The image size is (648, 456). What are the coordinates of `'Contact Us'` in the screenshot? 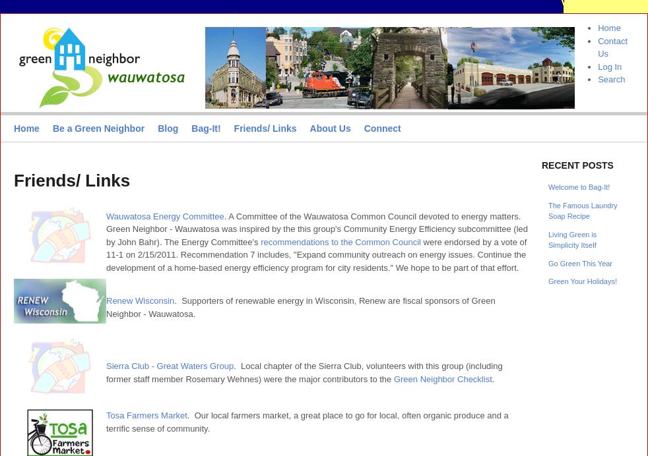 It's located at (612, 46).